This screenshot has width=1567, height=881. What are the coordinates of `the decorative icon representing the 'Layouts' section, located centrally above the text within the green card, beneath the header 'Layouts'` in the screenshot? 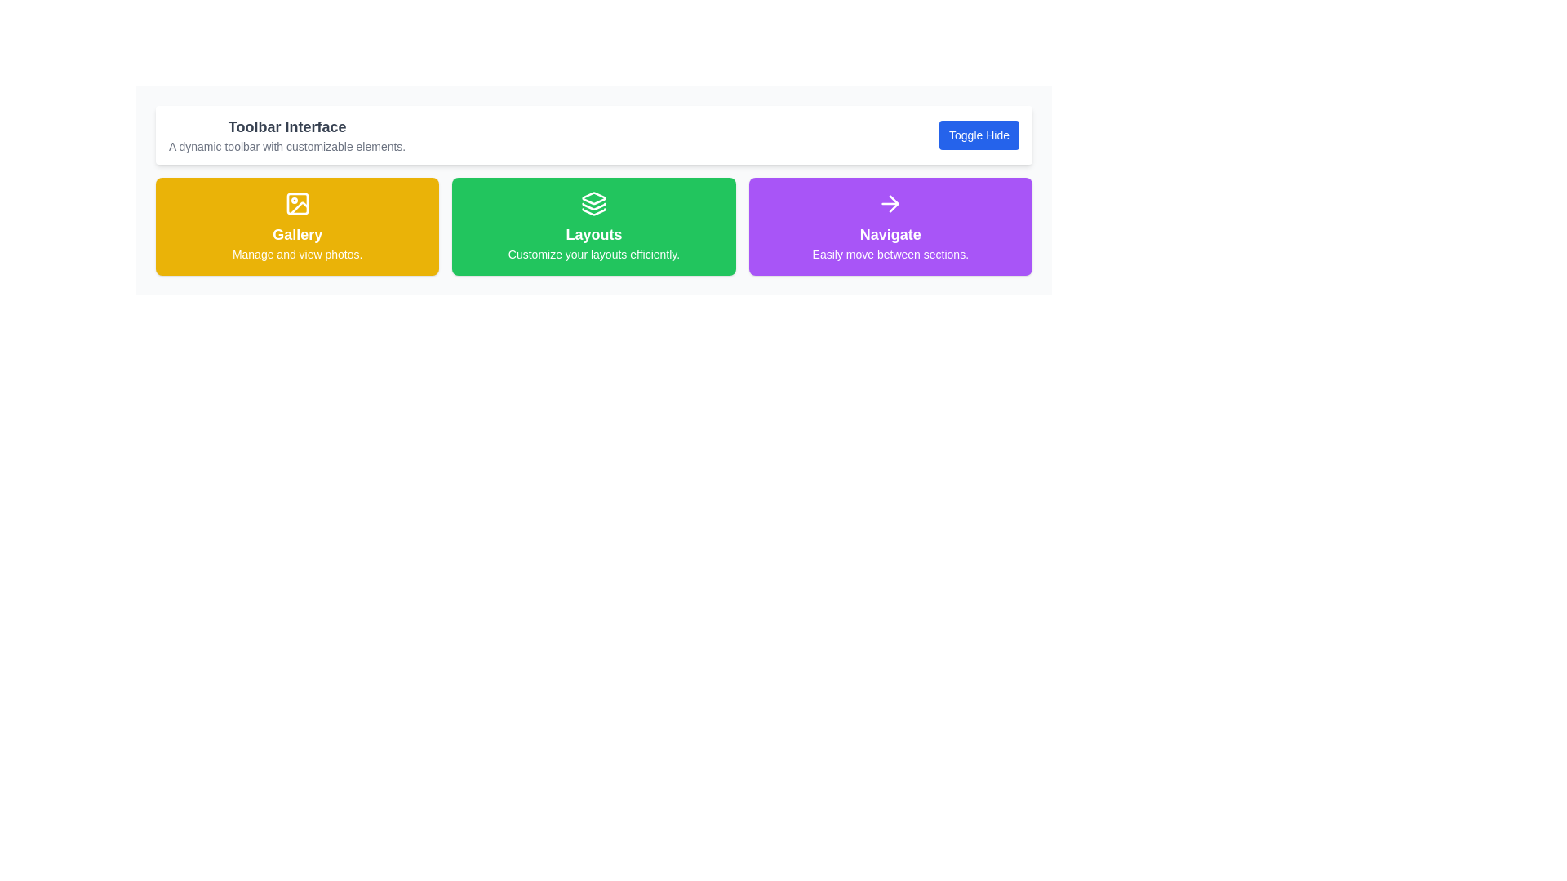 It's located at (593, 197).